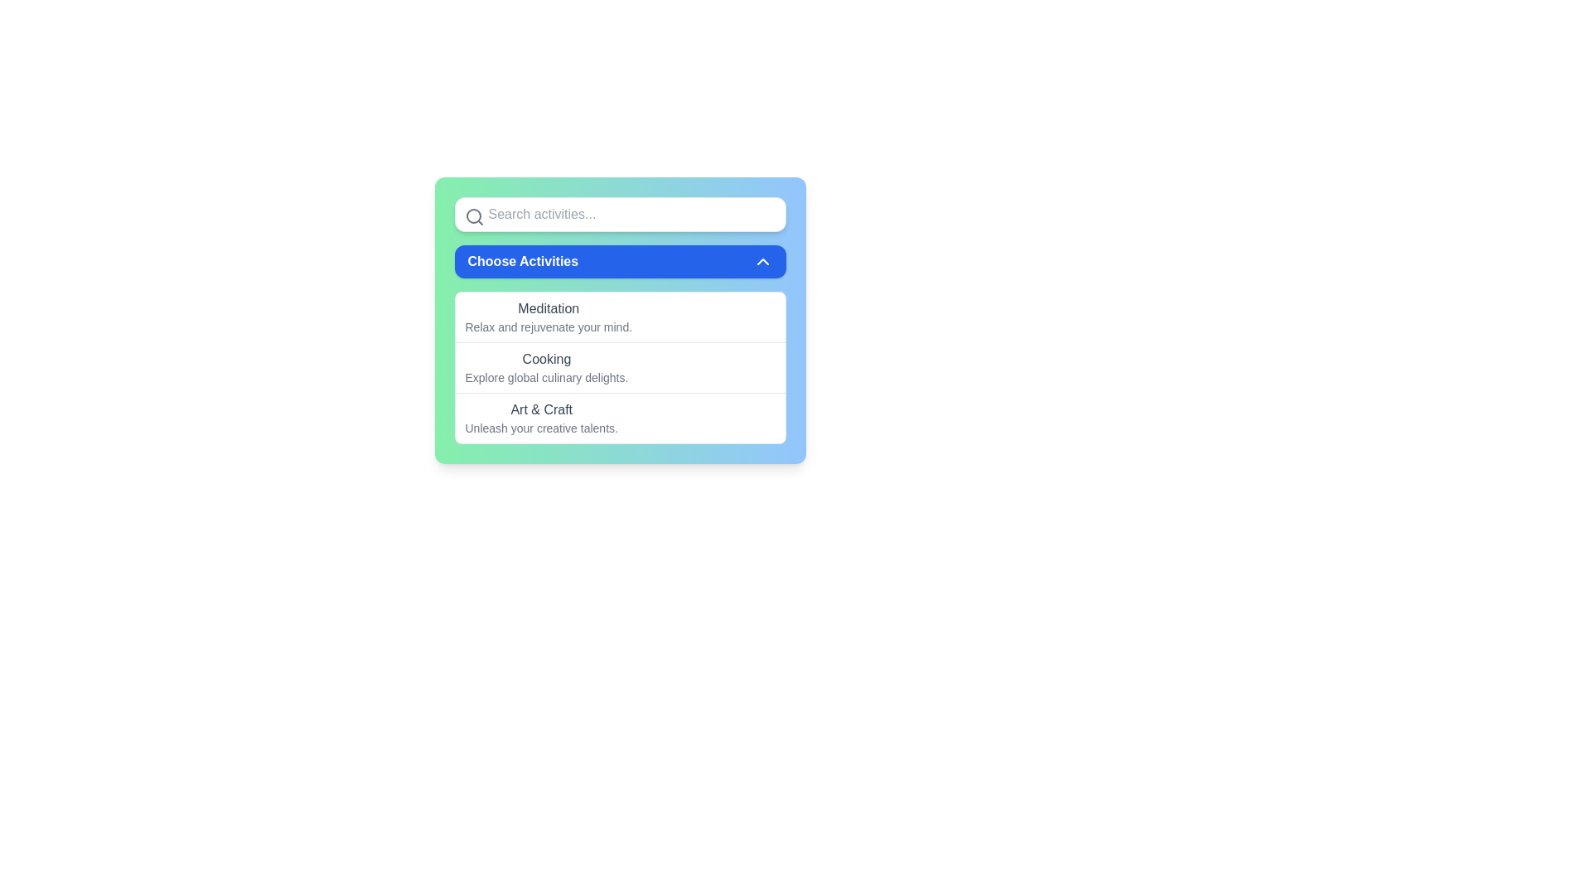  I want to click on the dropdown option titled 'Meditation', so click(619, 317).